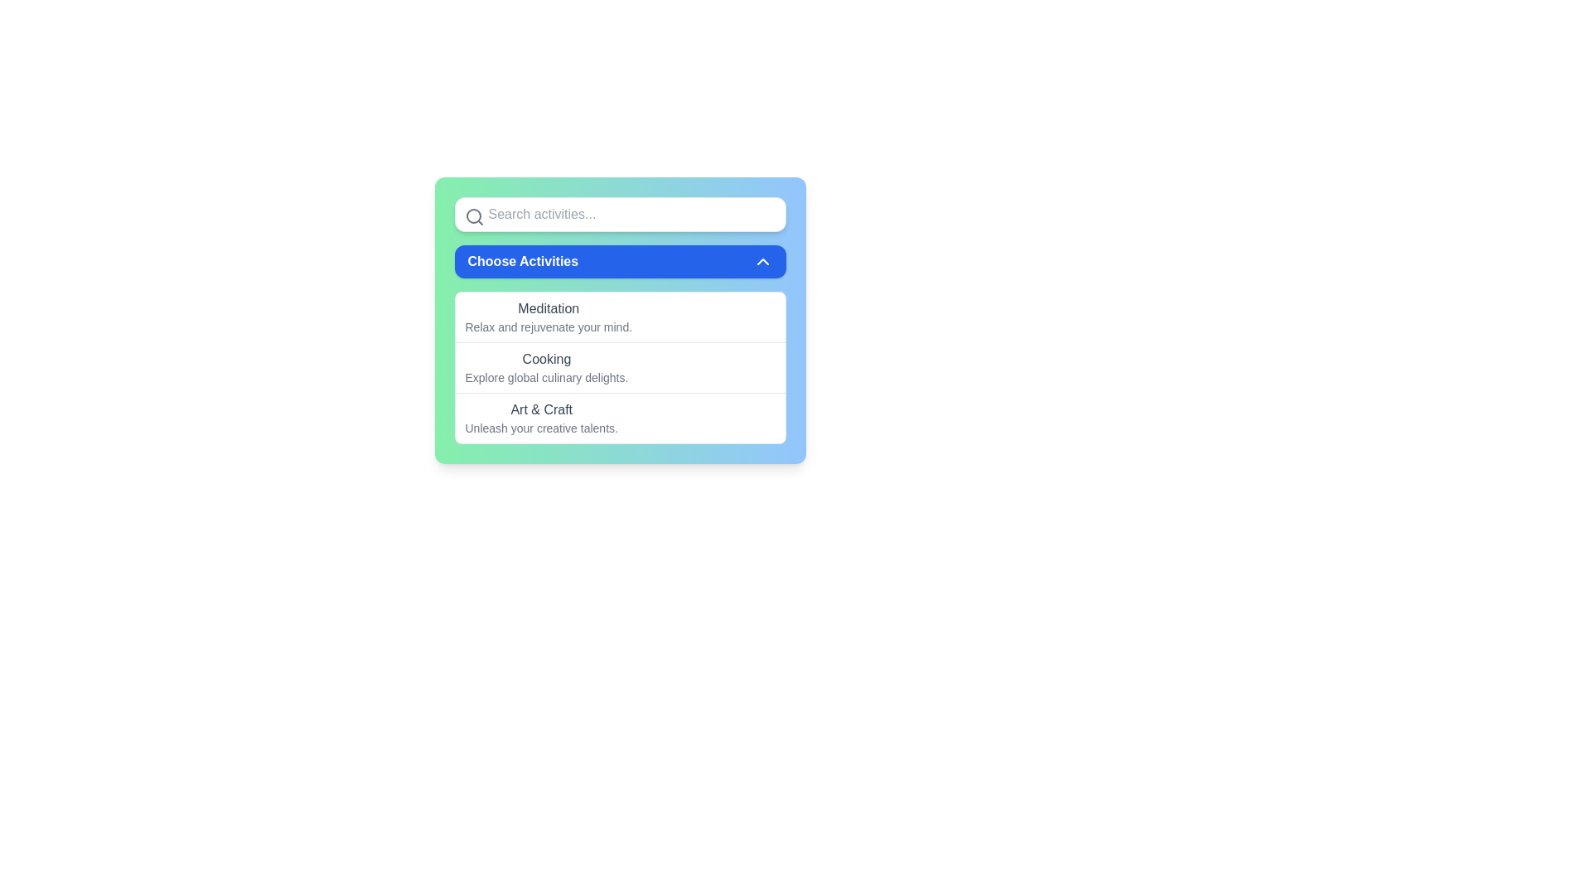  I want to click on the dropdown option titled 'Meditation', so click(619, 317).